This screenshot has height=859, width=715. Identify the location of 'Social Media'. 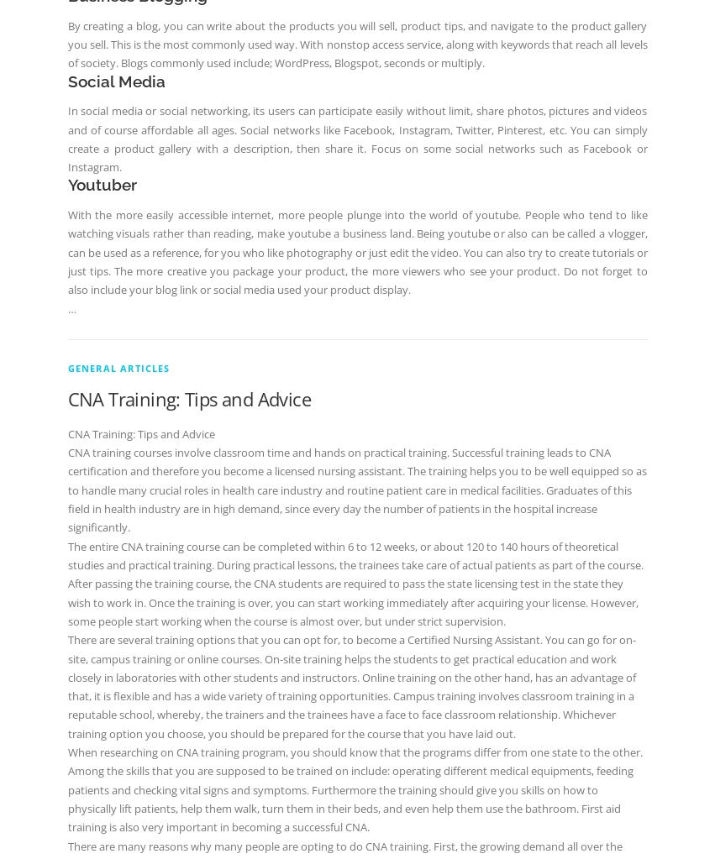
(66, 80).